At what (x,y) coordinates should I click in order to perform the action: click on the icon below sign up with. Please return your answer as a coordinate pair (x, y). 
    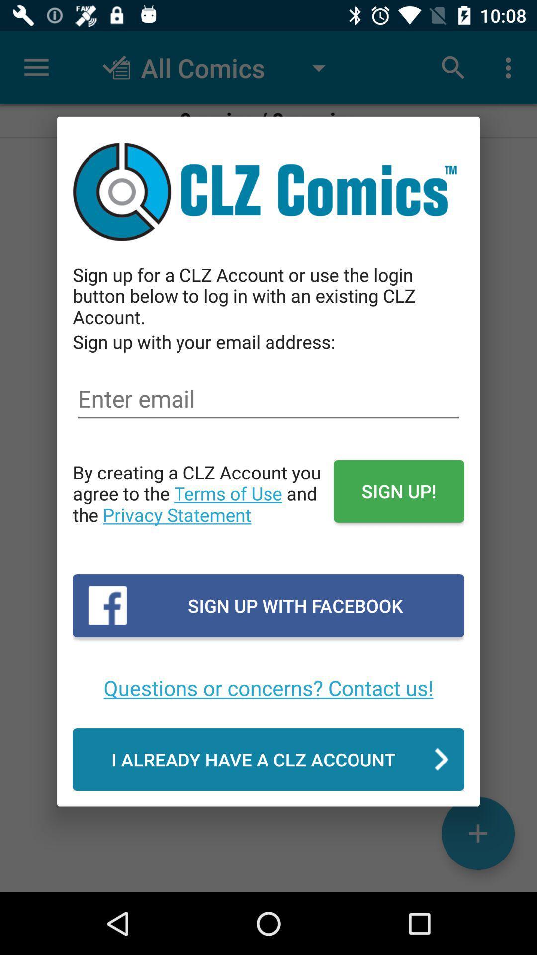
    Looking at the image, I should click on (268, 687).